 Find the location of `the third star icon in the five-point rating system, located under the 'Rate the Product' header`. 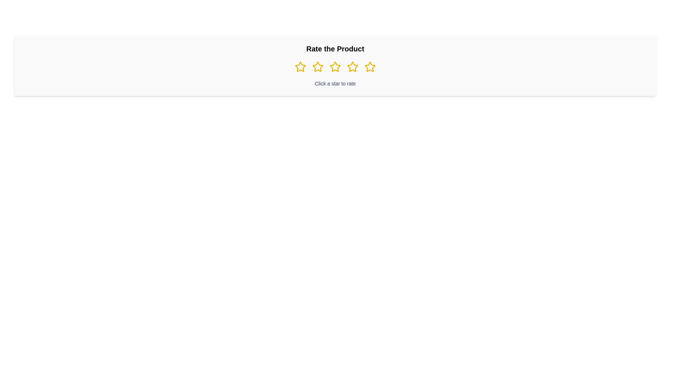

the third star icon in the five-point rating system, located under the 'Rate the Product' header is located at coordinates (335, 67).